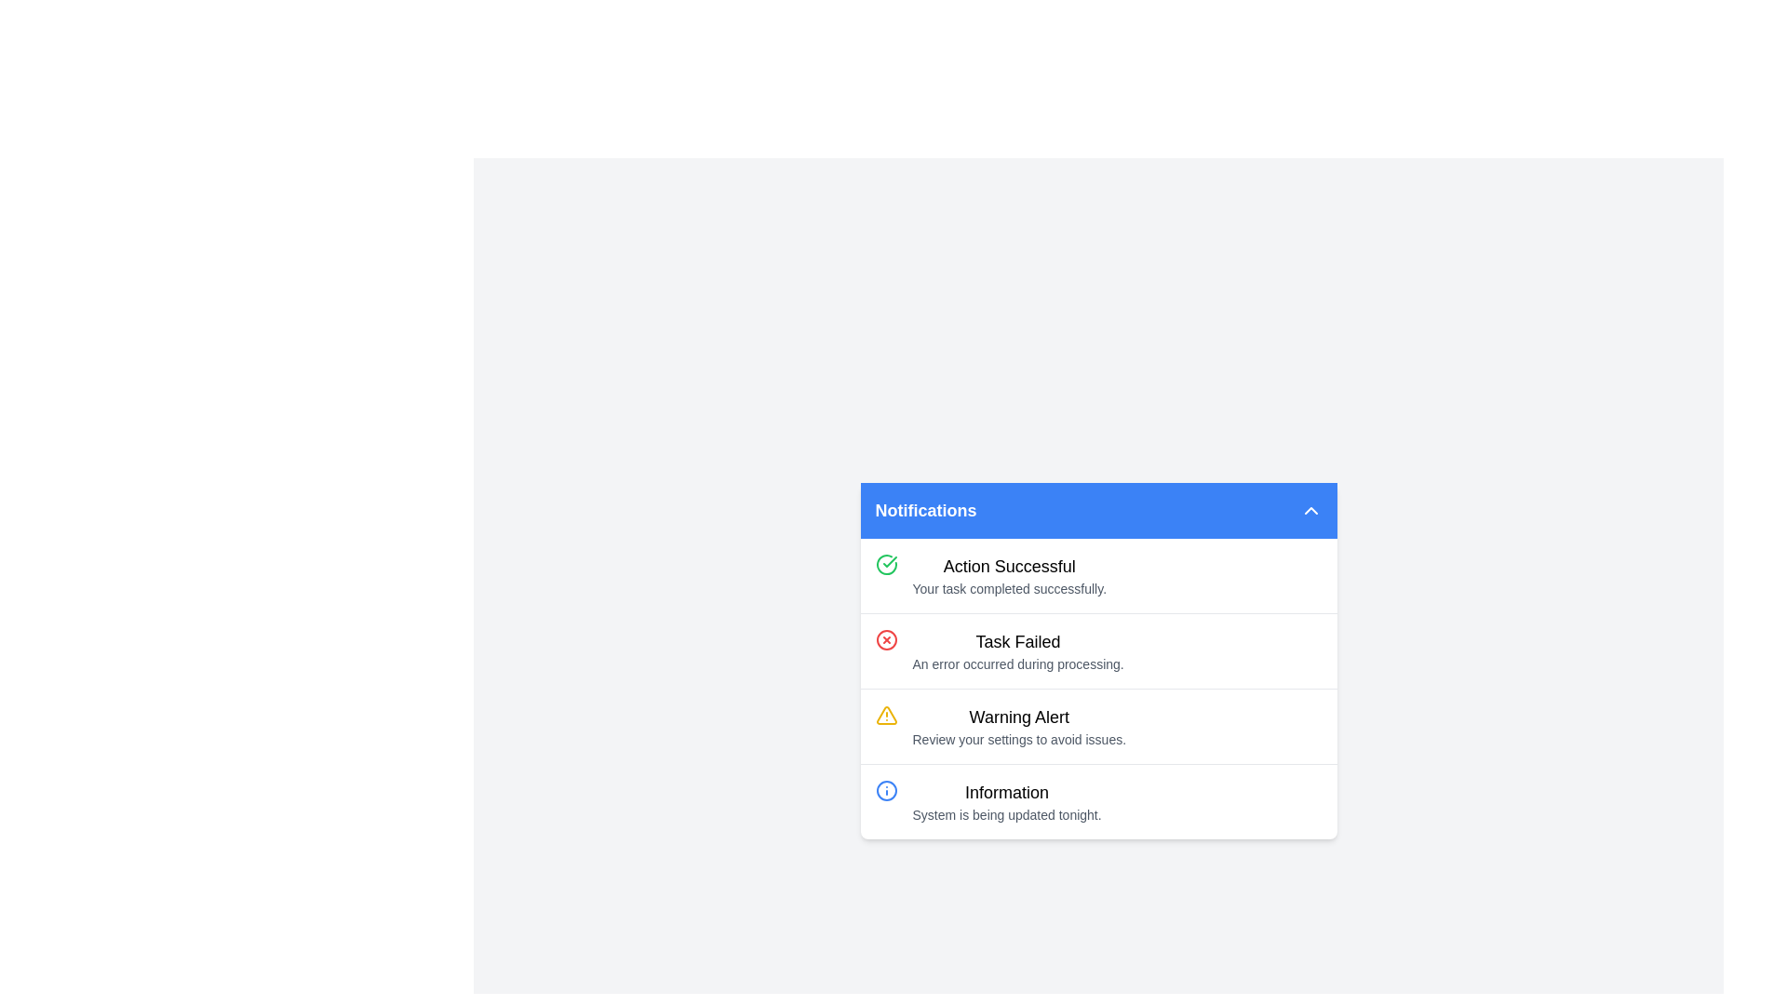 The height and width of the screenshot is (1005, 1787). I want to click on the red circular icon with a cross inside, so click(885, 638).